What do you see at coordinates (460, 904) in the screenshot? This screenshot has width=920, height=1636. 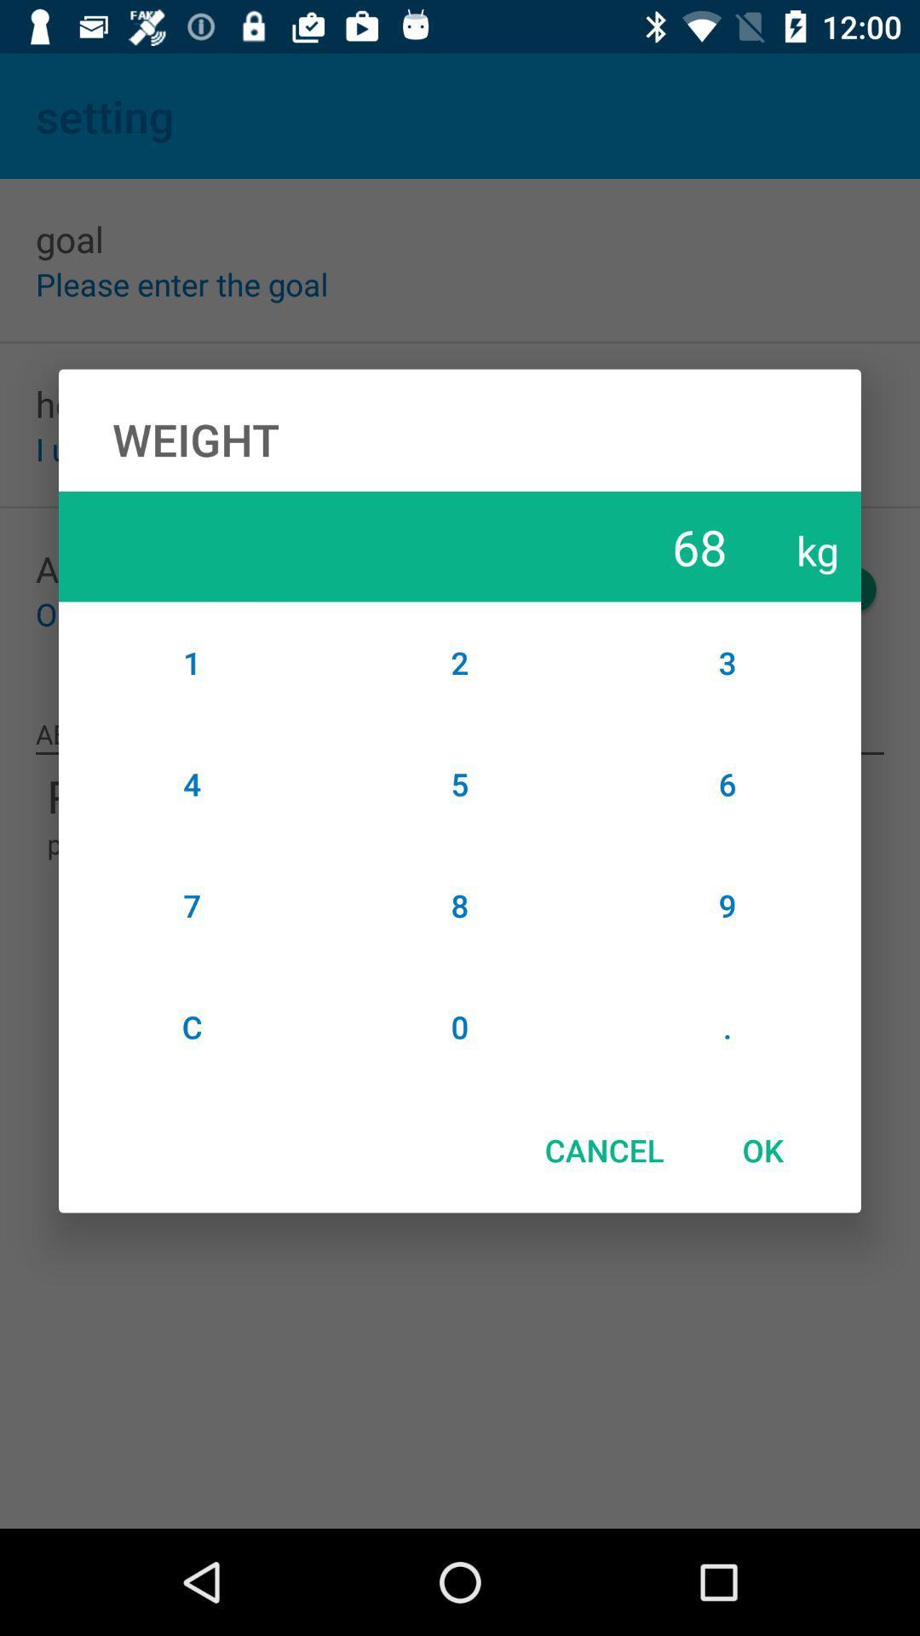 I see `the item next to the 4 item` at bounding box center [460, 904].